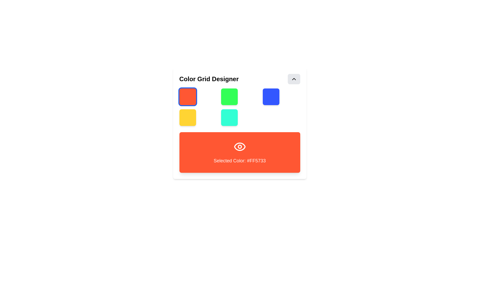 This screenshot has height=281, width=500. I want to click on the upward-pointing chevron icon within the rounded rectangular button in the top right corner of the 'Color Grid Designer' card to observe the hover effect, so click(294, 79).